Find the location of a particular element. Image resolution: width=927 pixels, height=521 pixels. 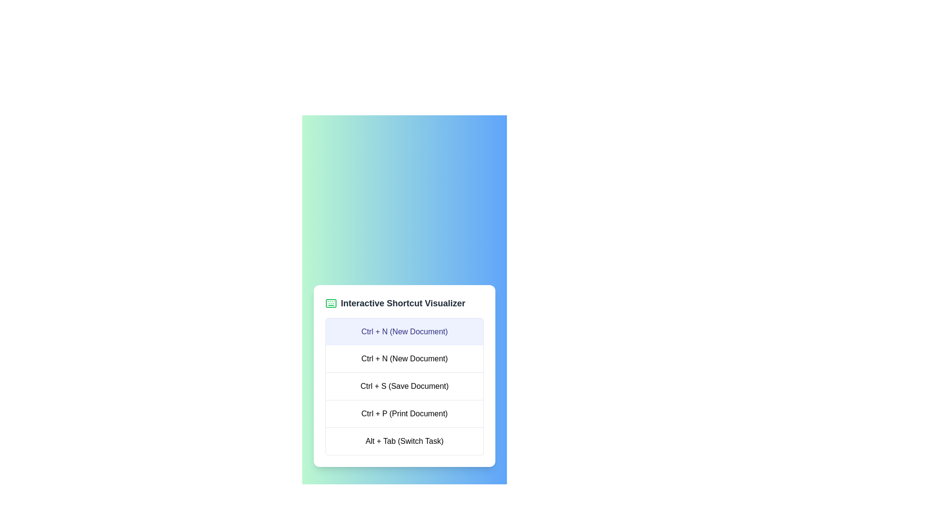

the selectable list item displaying 'Ctrl + P (Print Document)', which is the third item in a vertical list of shortcut commands, positioned between 'Ctrl + S (Save Document)' and 'Alt + Tab (Switch Task)' is located at coordinates (405, 412).